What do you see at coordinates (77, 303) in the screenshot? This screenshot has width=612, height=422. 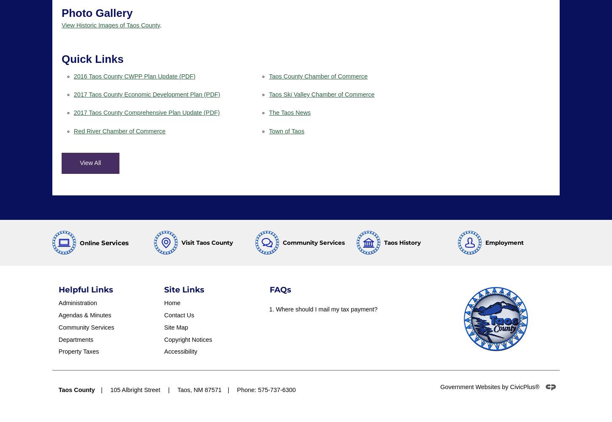 I see `'Administration'` at bounding box center [77, 303].